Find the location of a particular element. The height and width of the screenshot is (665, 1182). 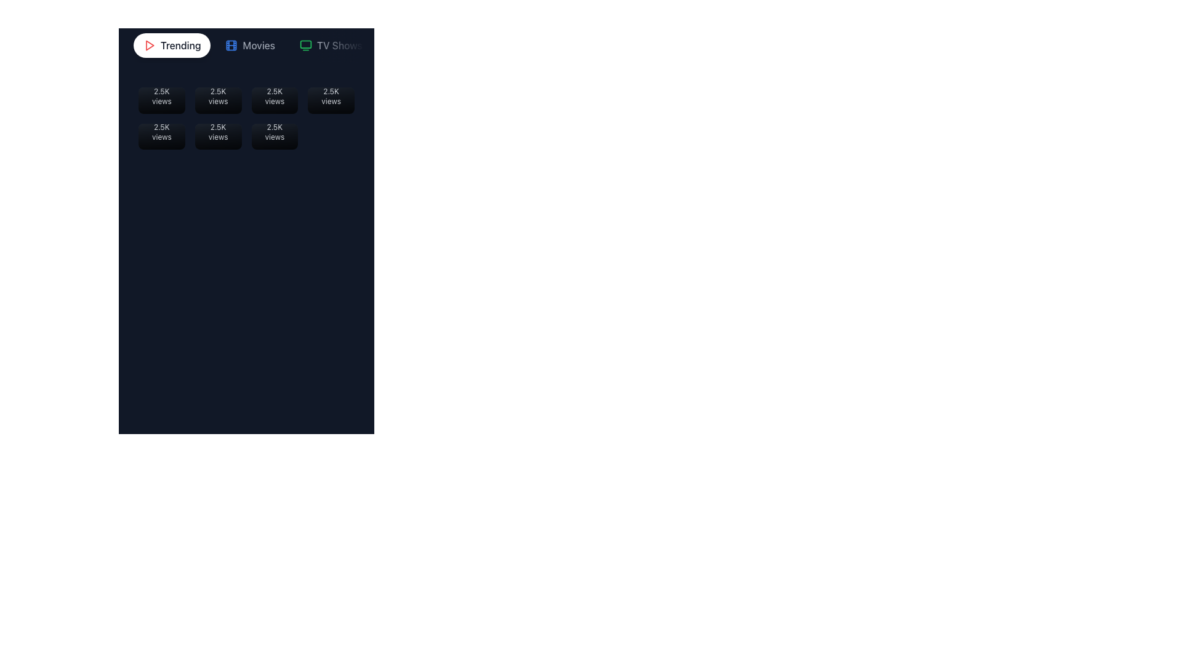

the navigational text label for the TV Shows section located at the top-right corner of the navigation bar, adjacent to the 'Movies' option is located at coordinates (339, 44).